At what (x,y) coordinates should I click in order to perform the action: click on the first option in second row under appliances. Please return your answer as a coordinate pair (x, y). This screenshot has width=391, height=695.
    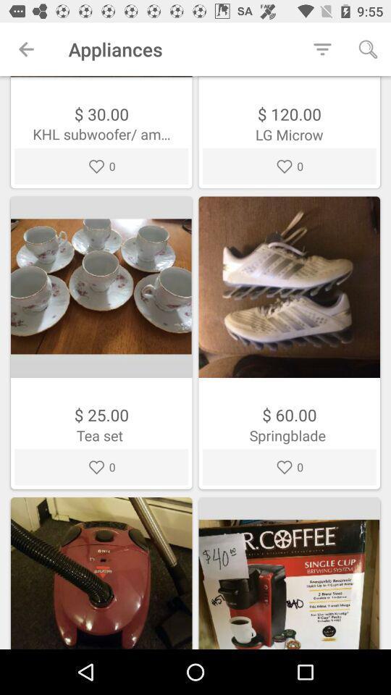
    Looking at the image, I should click on (101, 342).